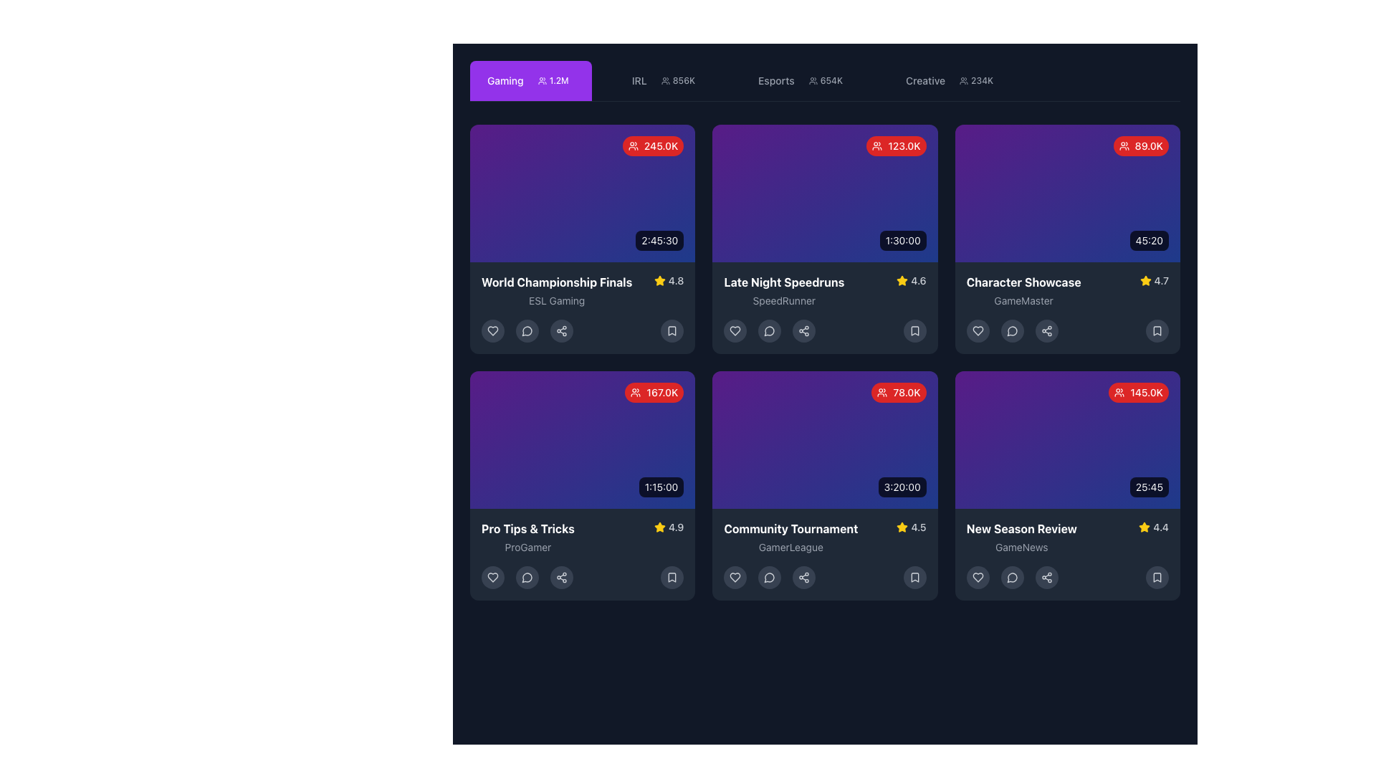 The image size is (1376, 774). Describe the element at coordinates (1157, 331) in the screenshot. I see `the bookmark icon located in the bottom-right corner of the third card in the second row` at that location.